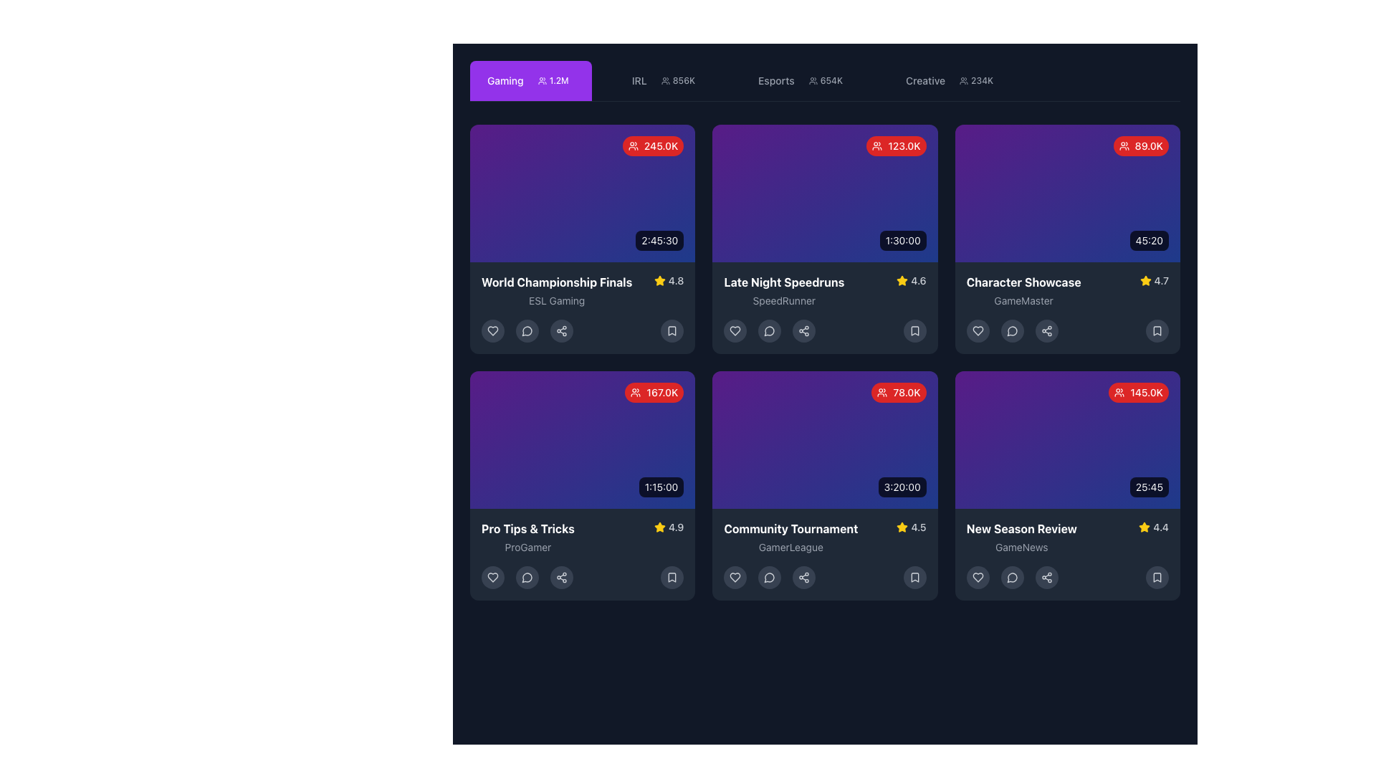 The image size is (1376, 774). Describe the element at coordinates (1157, 331) in the screenshot. I see `the bookmark icon located in the bottom-right corner of the third card in the second row` at that location.